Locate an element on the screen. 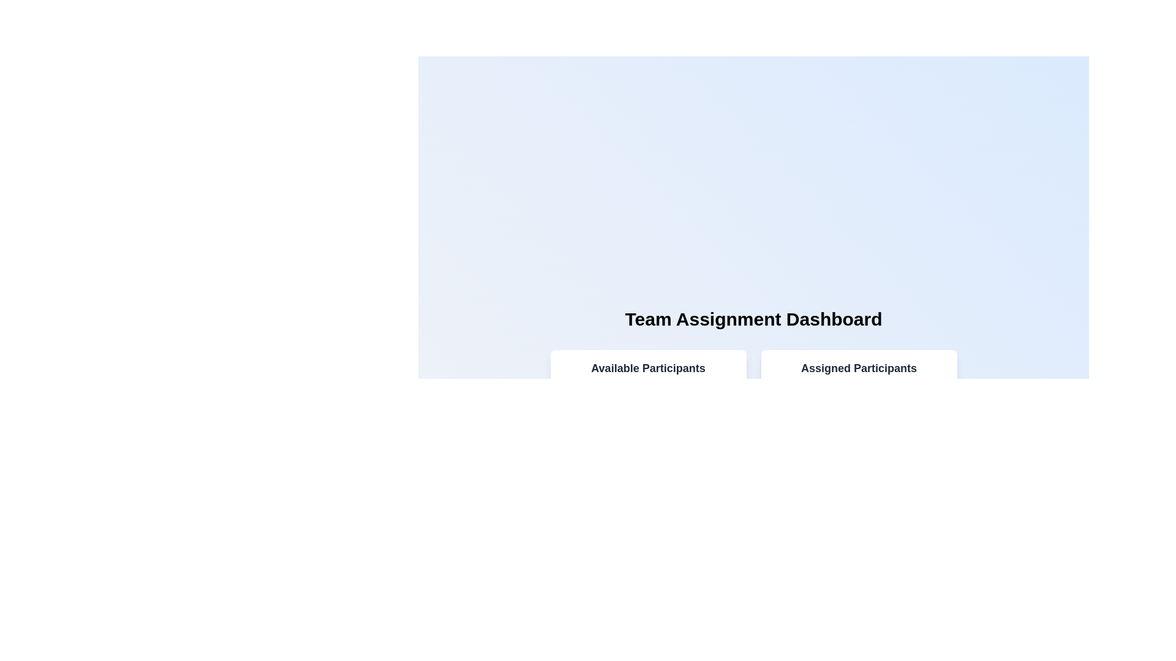  the Text Label indicating available participants for assignment, located in the upper-middle part of the interface is located at coordinates (647, 367).